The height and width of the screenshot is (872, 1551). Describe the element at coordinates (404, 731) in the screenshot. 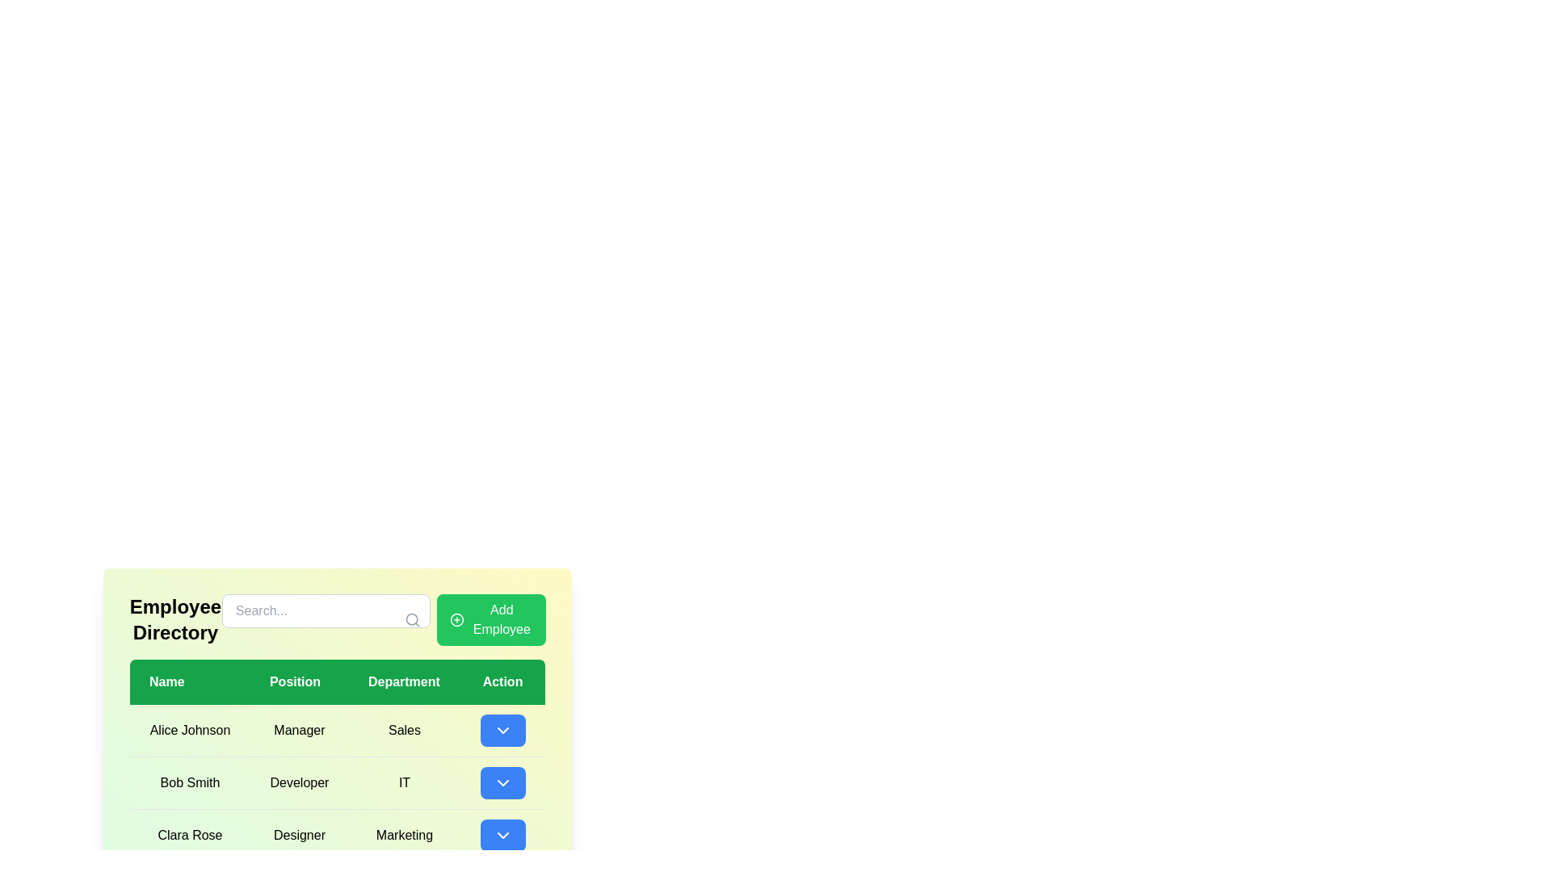

I see `the Table cell in the 'Department' column associated with 'Alice Johnson', which is located between the 'Position' column displaying 'Manager' and the 'Action' column containing a dropdown button` at that location.